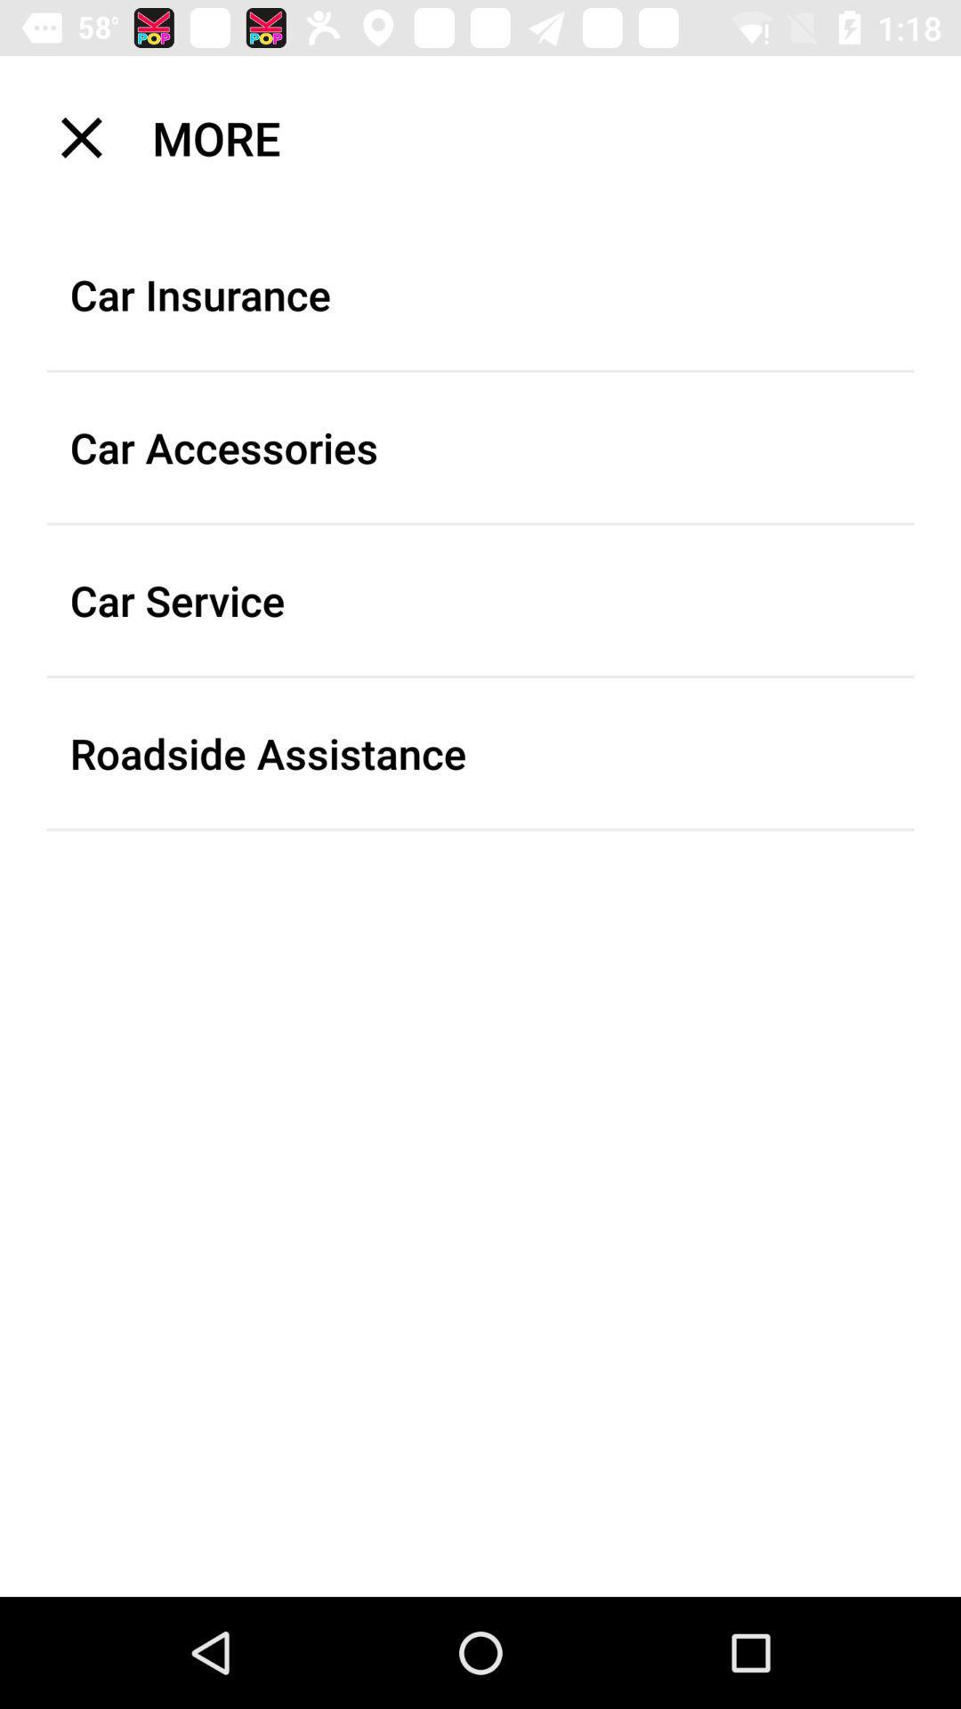 The image size is (961, 1709). What do you see at coordinates (492, 136) in the screenshot?
I see `the more` at bounding box center [492, 136].